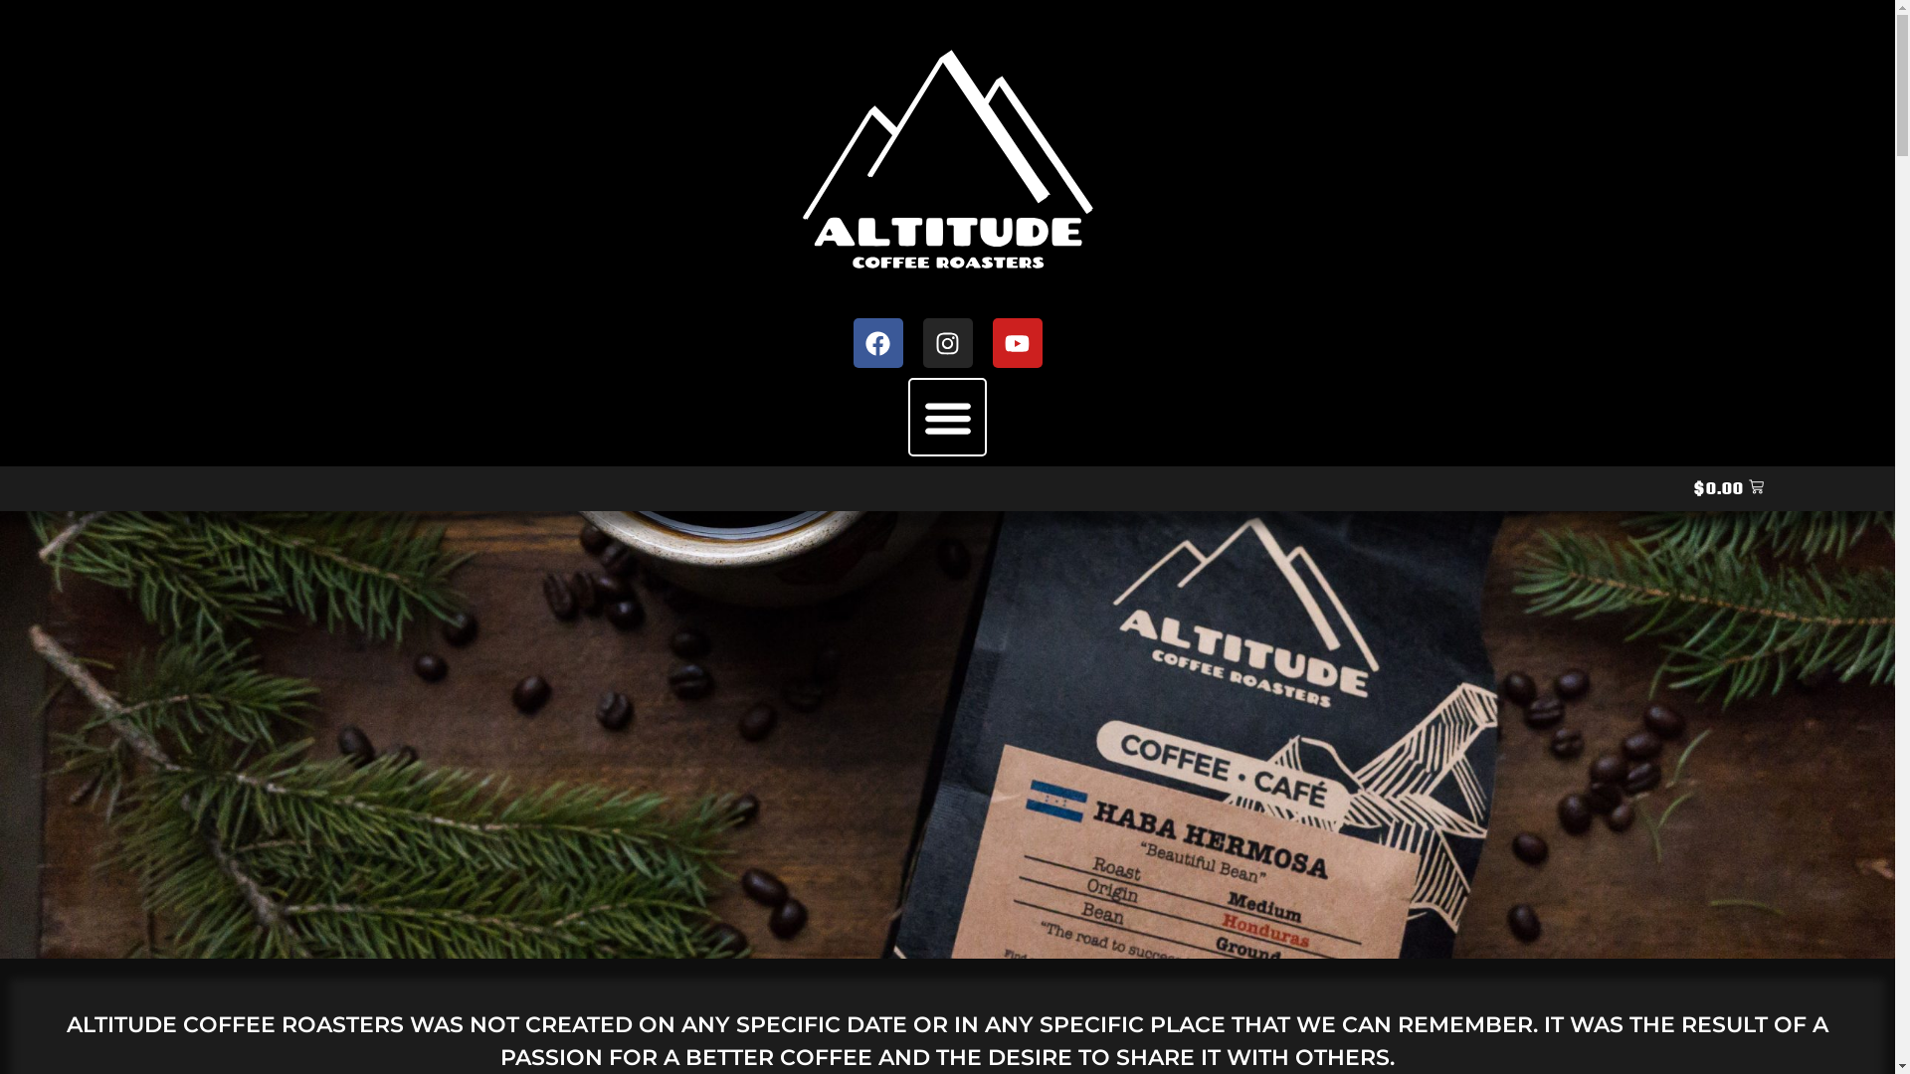 This screenshot has height=1074, width=1910. What do you see at coordinates (1727, 488) in the screenshot?
I see `'$0.00'` at bounding box center [1727, 488].